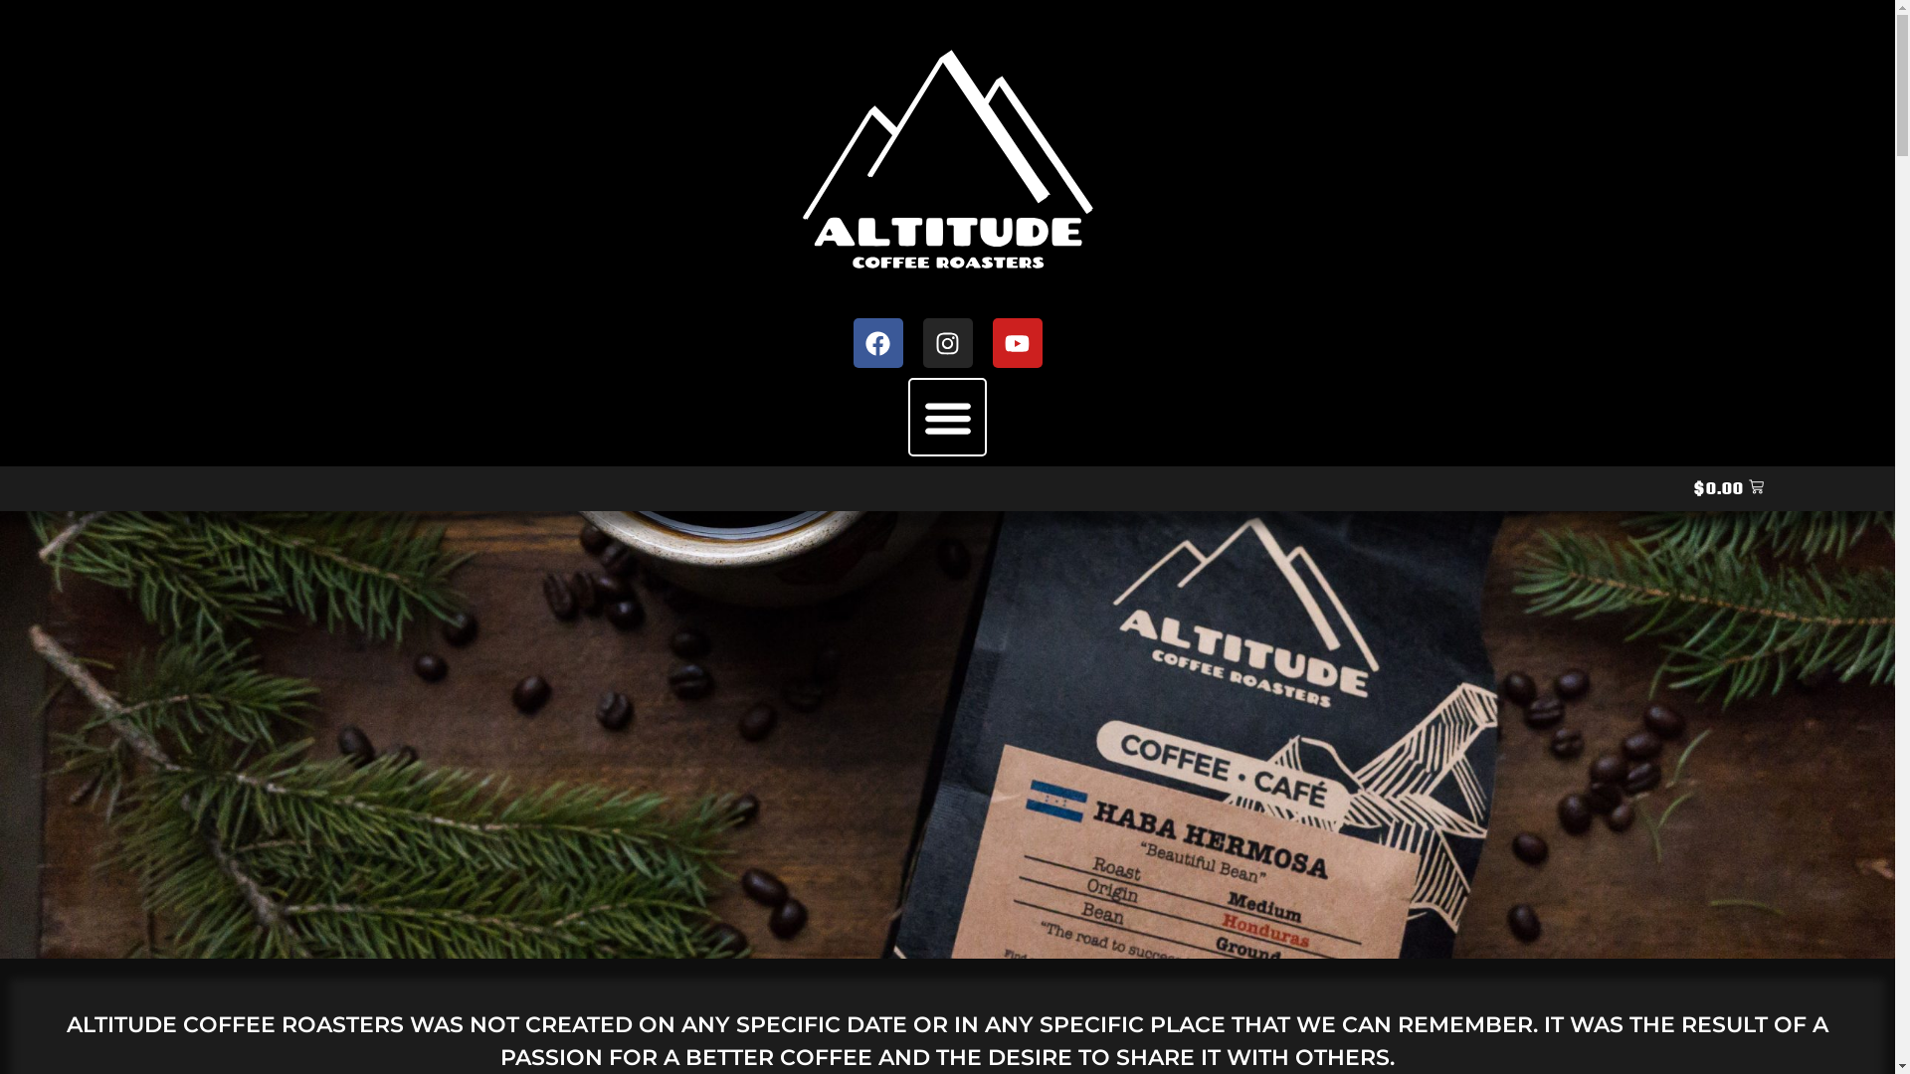 This screenshot has height=1074, width=1910. What do you see at coordinates (1727, 488) in the screenshot?
I see `'$0.00'` at bounding box center [1727, 488].